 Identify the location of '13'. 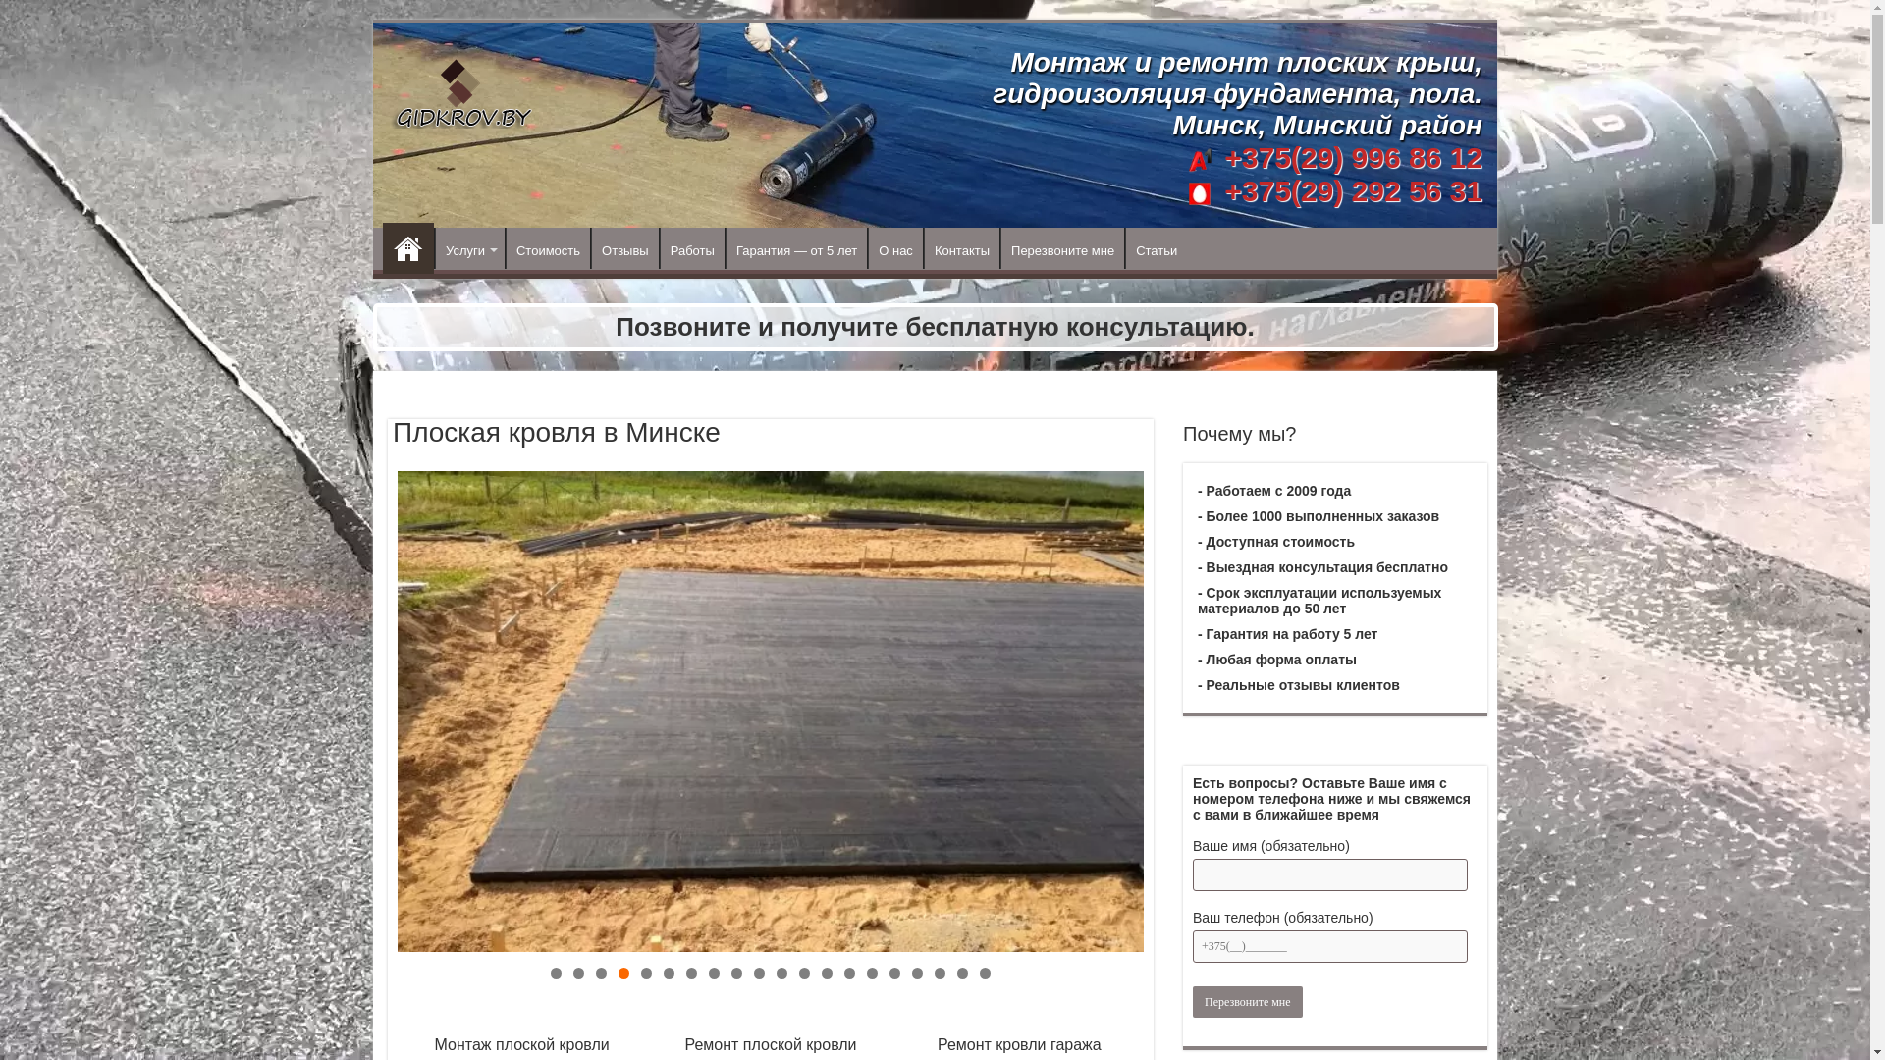
(827, 973).